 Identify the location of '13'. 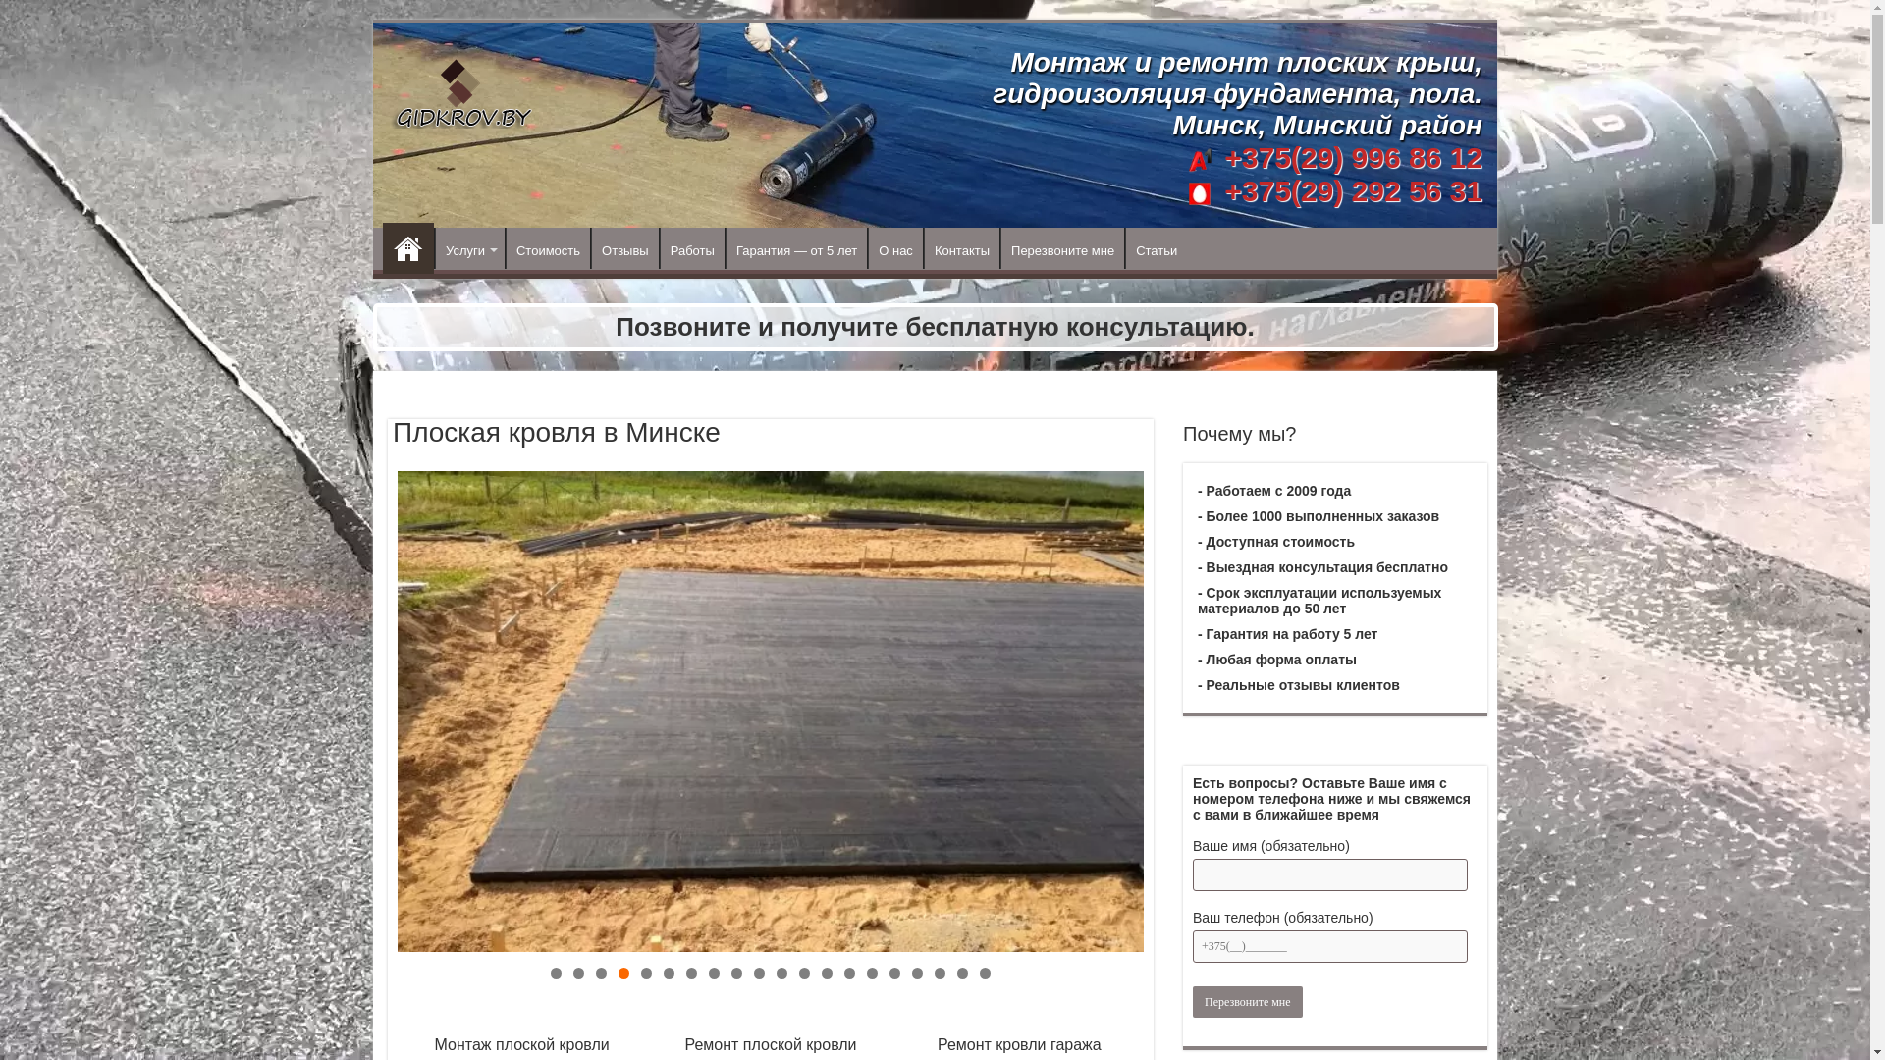
(827, 973).